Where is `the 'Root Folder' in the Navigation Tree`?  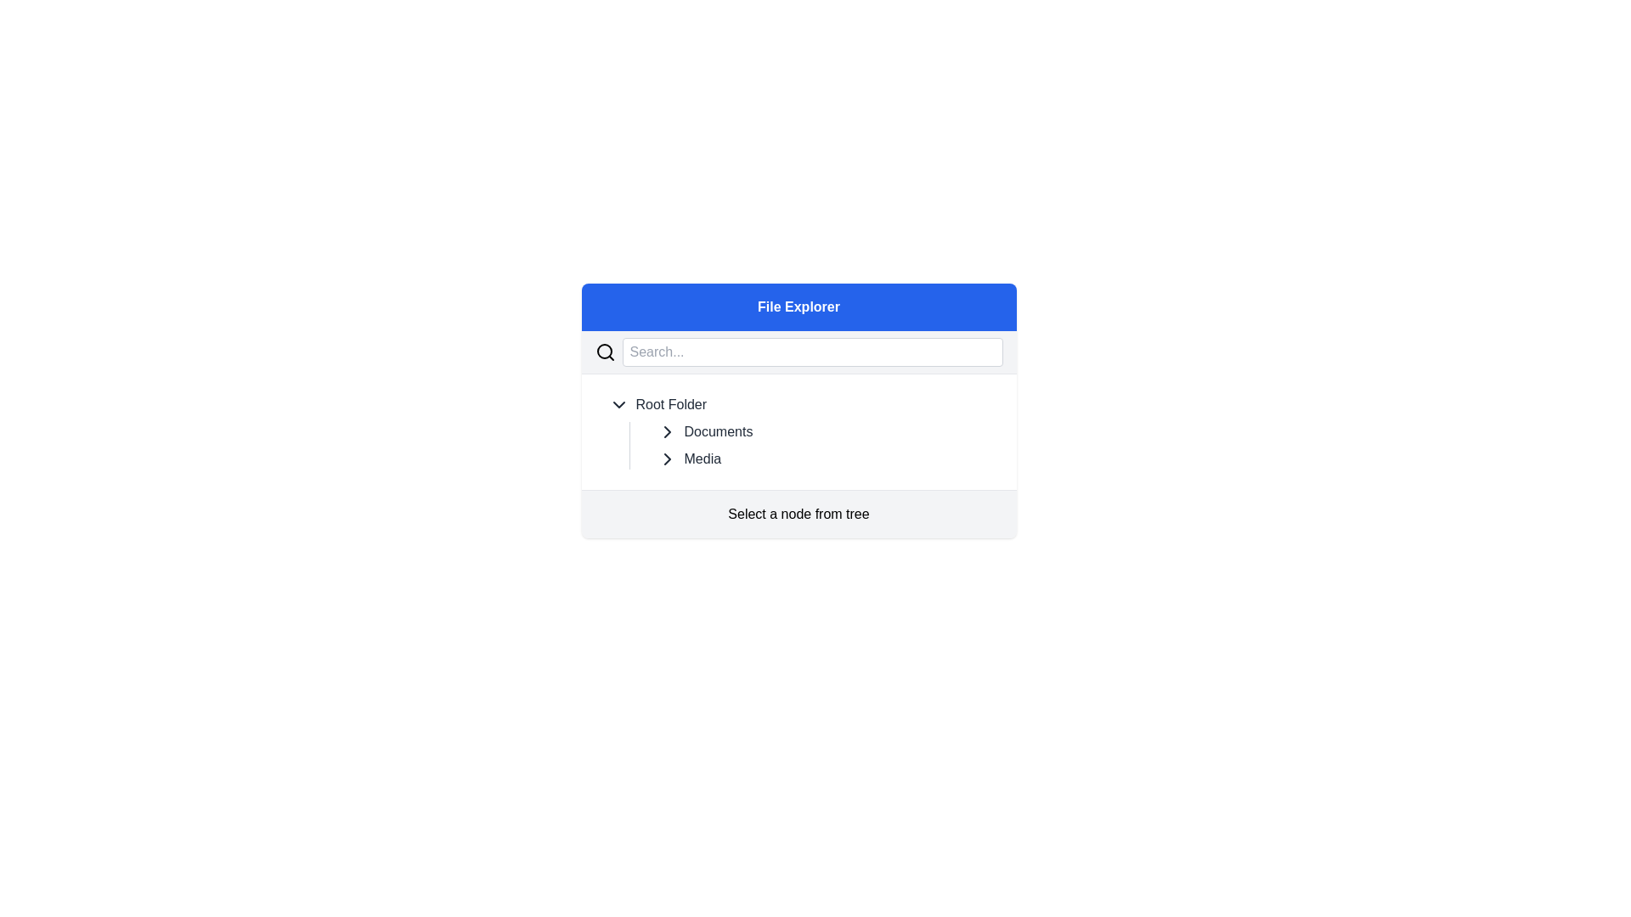 the 'Root Folder' in the Navigation Tree is located at coordinates (798, 410).